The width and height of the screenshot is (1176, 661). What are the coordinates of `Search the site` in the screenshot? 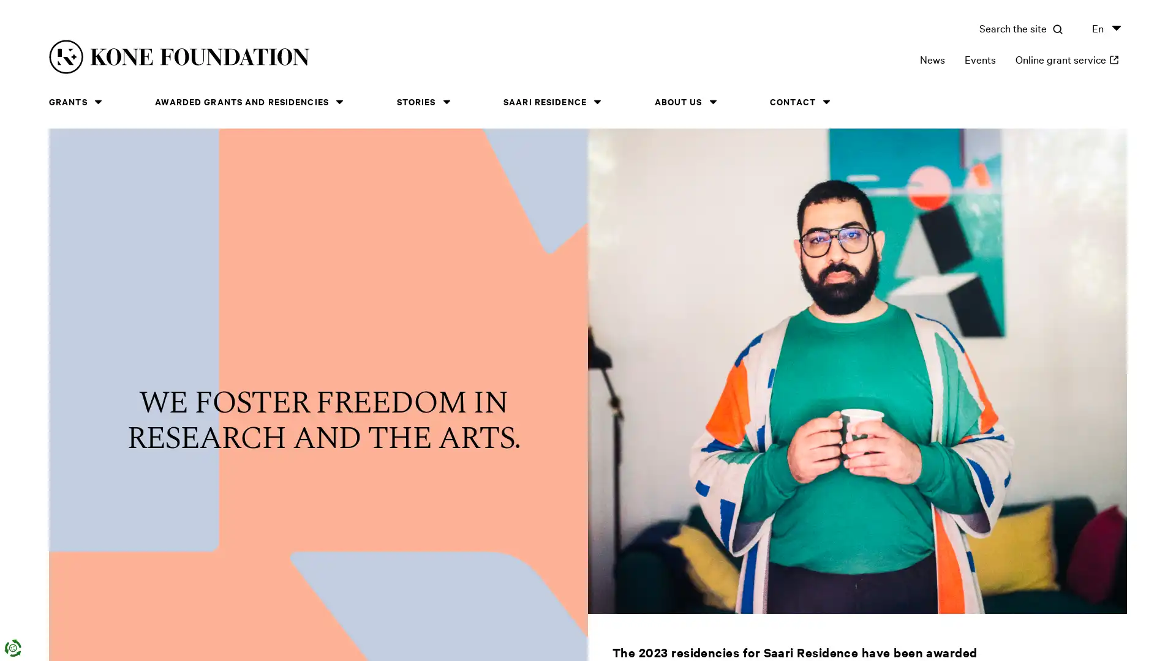 It's located at (1020, 28).